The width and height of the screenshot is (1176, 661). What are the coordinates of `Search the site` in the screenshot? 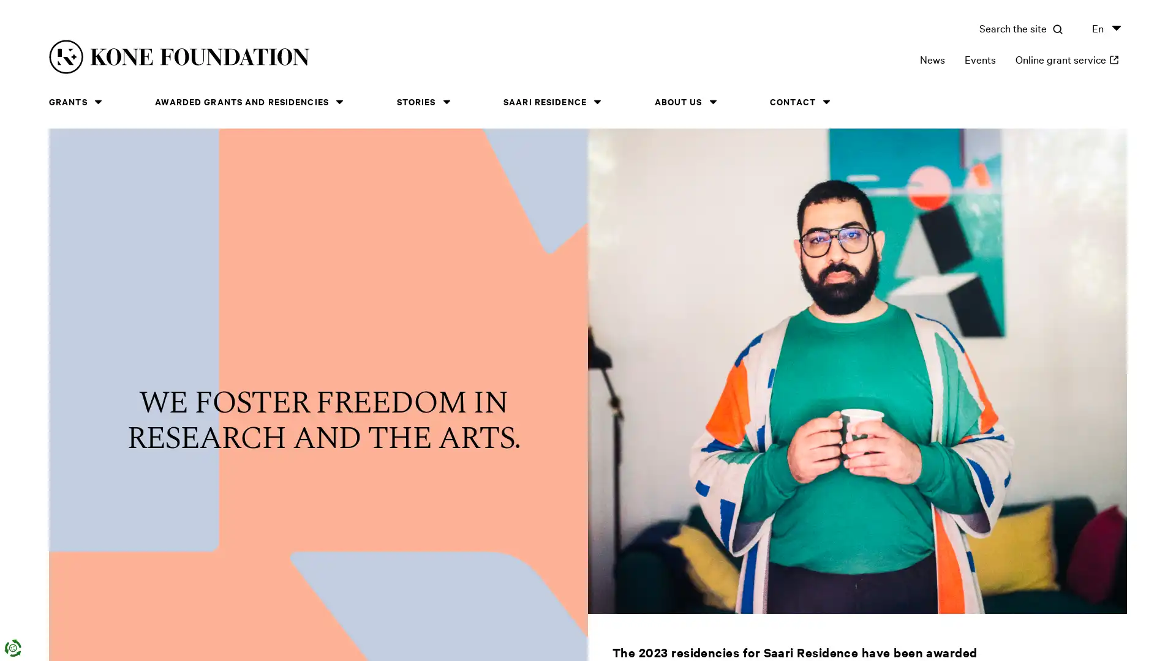 It's located at (1020, 28).